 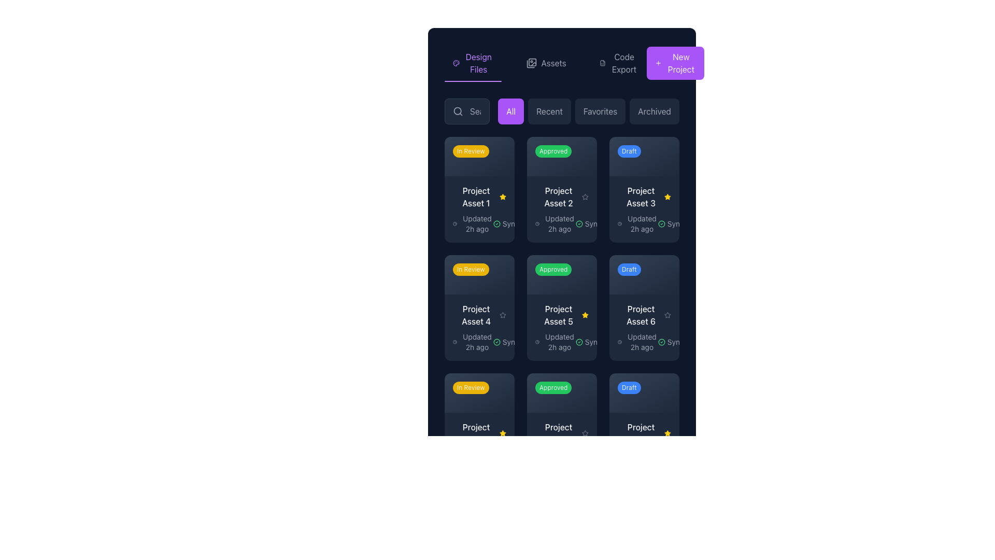 What do you see at coordinates (654, 111) in the screenshot?
I see `the fourth button in the navigation bar labeled for archived items` at bounding box center [654, 111].